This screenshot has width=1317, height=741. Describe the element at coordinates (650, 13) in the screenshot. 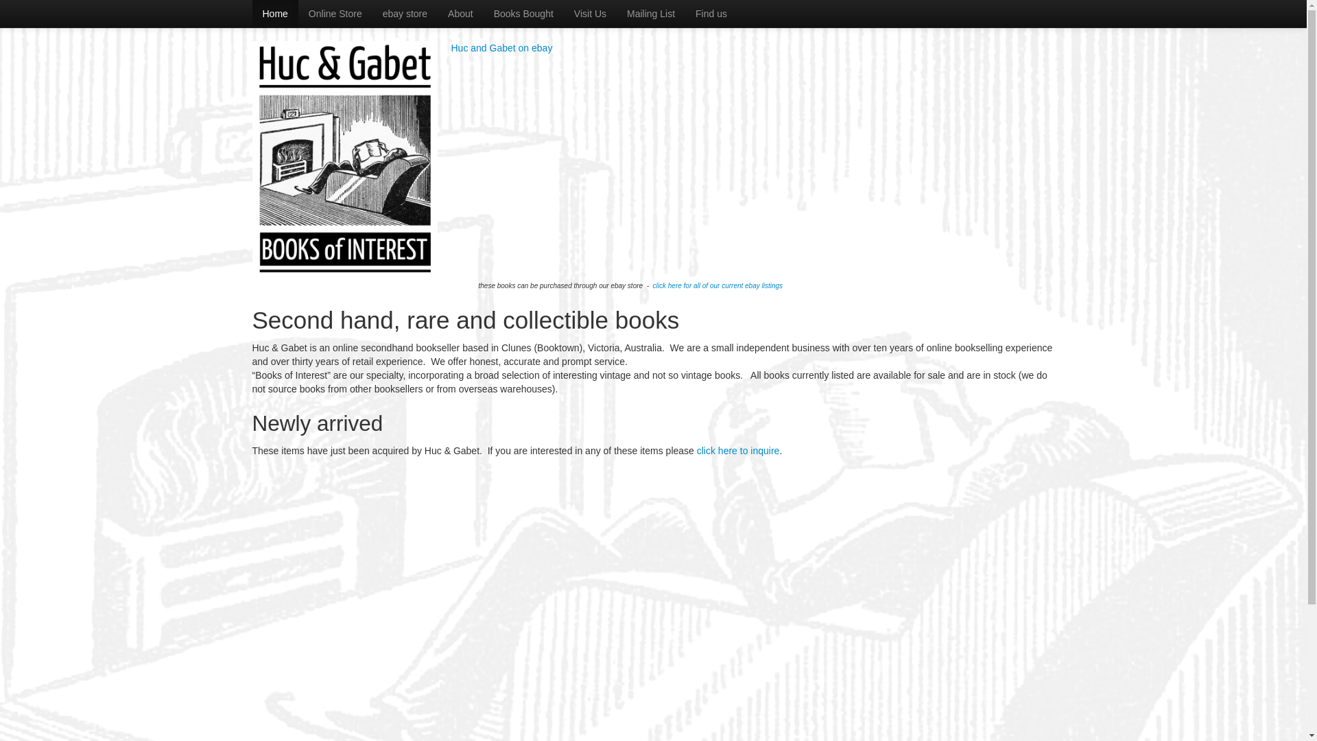

I see `'Mailing List'` at that location.